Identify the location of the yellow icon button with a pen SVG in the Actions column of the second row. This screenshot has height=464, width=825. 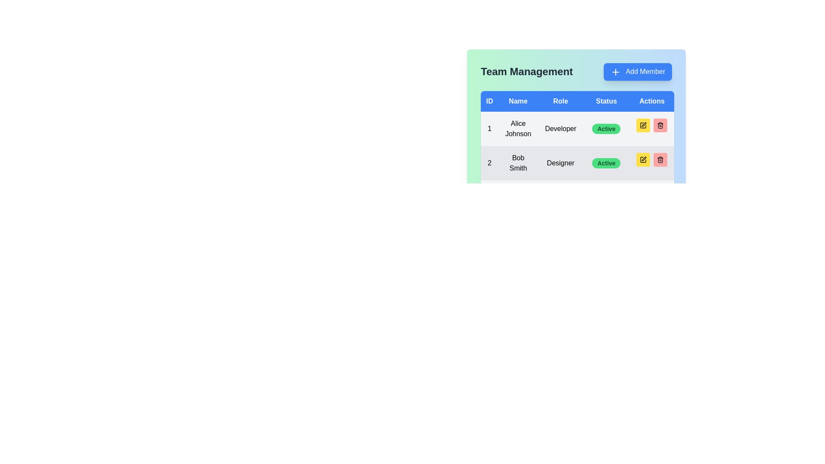
(643, 159).